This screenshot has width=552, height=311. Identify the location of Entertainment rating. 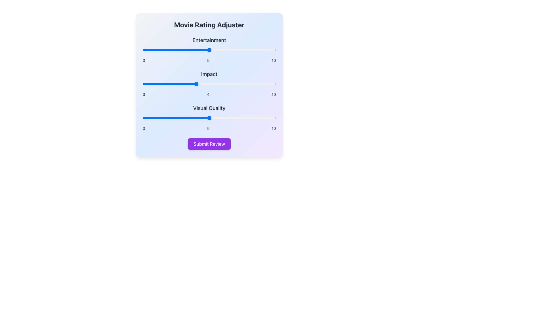
(222, 50).